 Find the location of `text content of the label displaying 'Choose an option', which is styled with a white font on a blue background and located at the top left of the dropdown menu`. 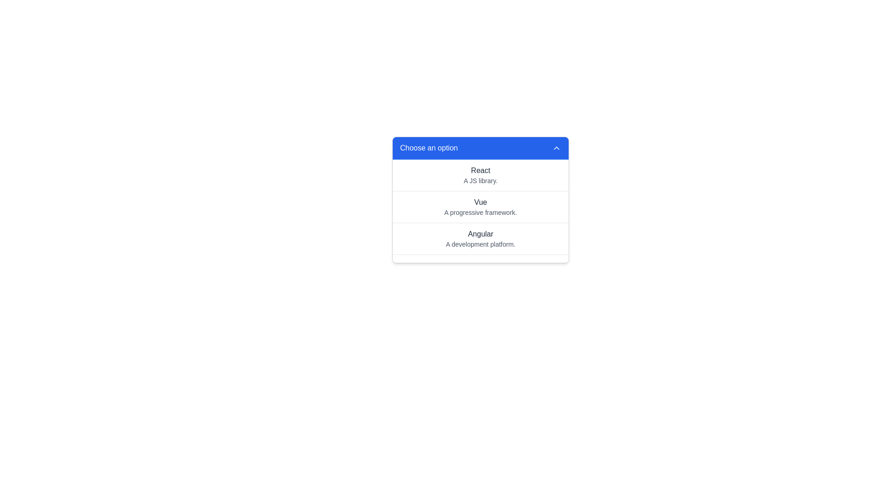

text content of the label displaying 'Choose an option', which is styled with a white font on a blue background and located at the top left of the dropdown menu is located at coordinates (428, 147).